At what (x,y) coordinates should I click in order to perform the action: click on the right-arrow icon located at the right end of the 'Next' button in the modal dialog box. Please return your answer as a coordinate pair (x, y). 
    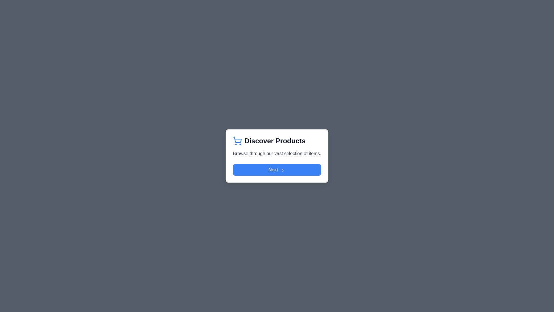
    Looking at the image, I should click on (283, 170).